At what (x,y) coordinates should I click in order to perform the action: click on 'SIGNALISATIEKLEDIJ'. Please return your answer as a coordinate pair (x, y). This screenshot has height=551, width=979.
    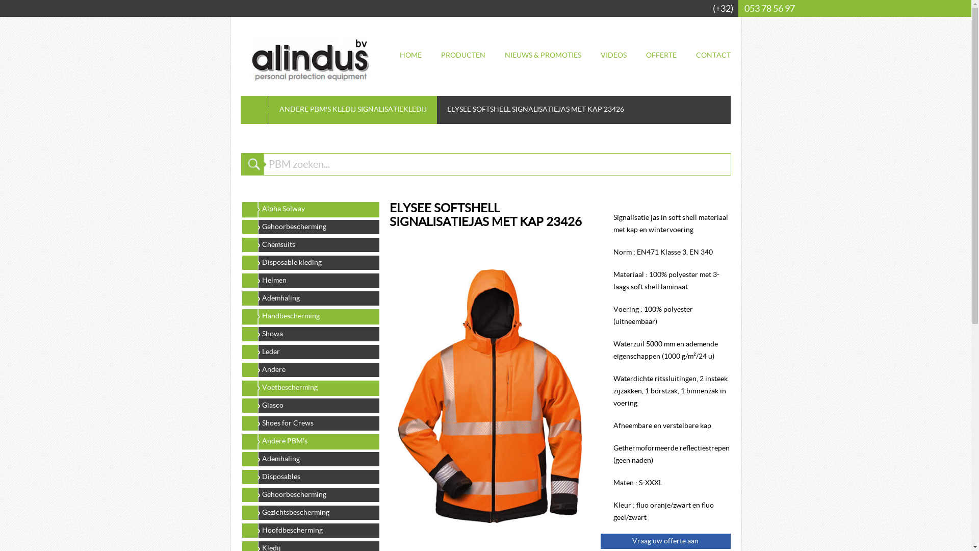
    Looking at the image, I should click on (391, 109).